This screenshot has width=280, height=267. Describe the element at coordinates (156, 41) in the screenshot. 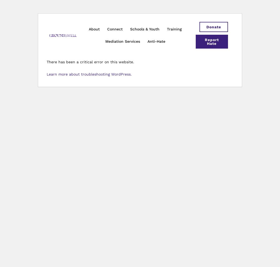

I see `'Anti-Hate'` at that location.